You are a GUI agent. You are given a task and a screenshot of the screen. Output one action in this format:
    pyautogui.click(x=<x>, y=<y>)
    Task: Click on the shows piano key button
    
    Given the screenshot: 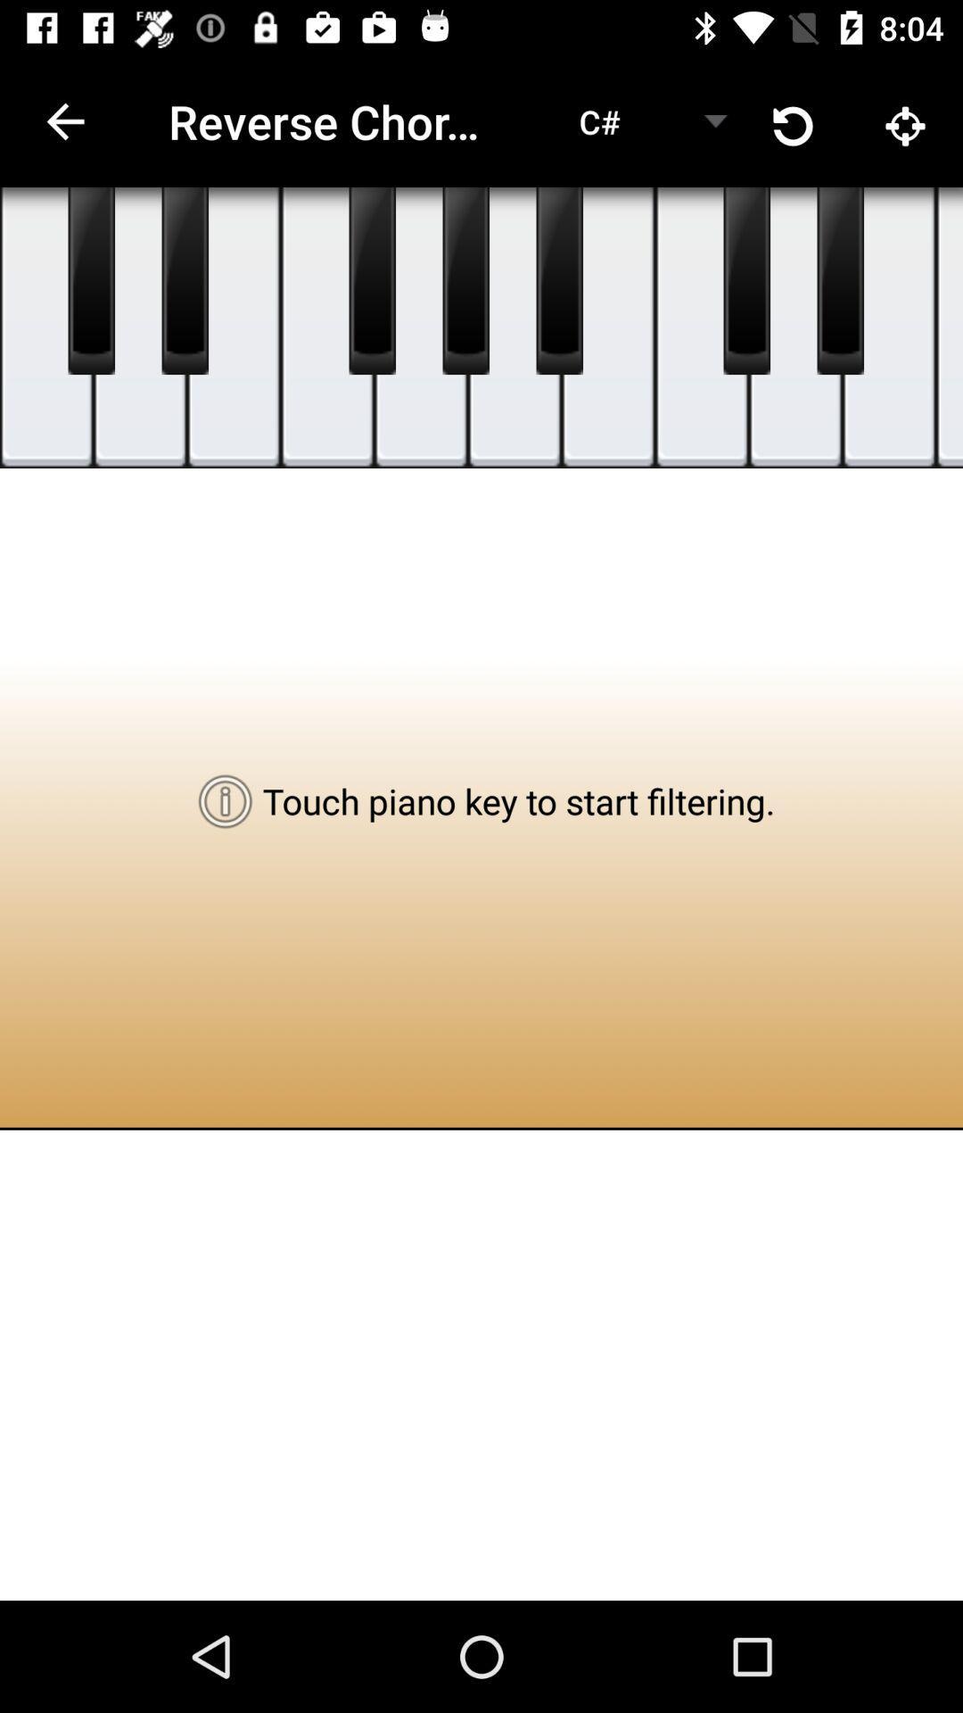 What is the action you would take?
    pyautogui.click(x=840, y=280)
    